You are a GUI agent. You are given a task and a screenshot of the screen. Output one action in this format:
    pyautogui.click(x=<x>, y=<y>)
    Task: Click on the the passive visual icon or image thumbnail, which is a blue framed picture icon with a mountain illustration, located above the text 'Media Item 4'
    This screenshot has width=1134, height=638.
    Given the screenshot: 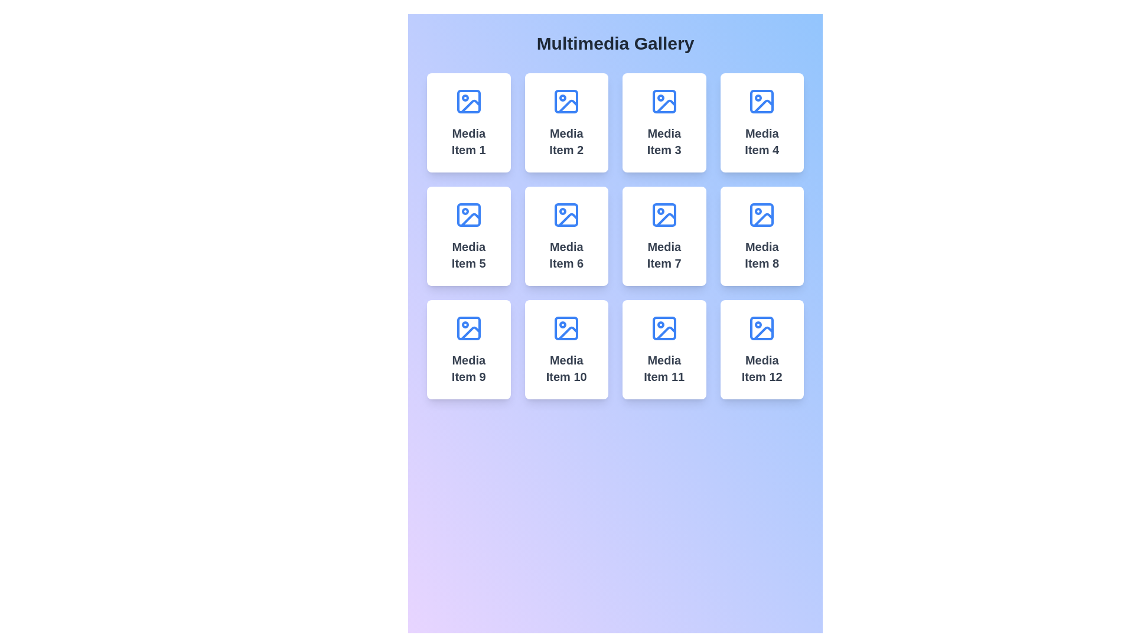 What is the action you would take?
    pyautogui.click(x=762, y=101)
    